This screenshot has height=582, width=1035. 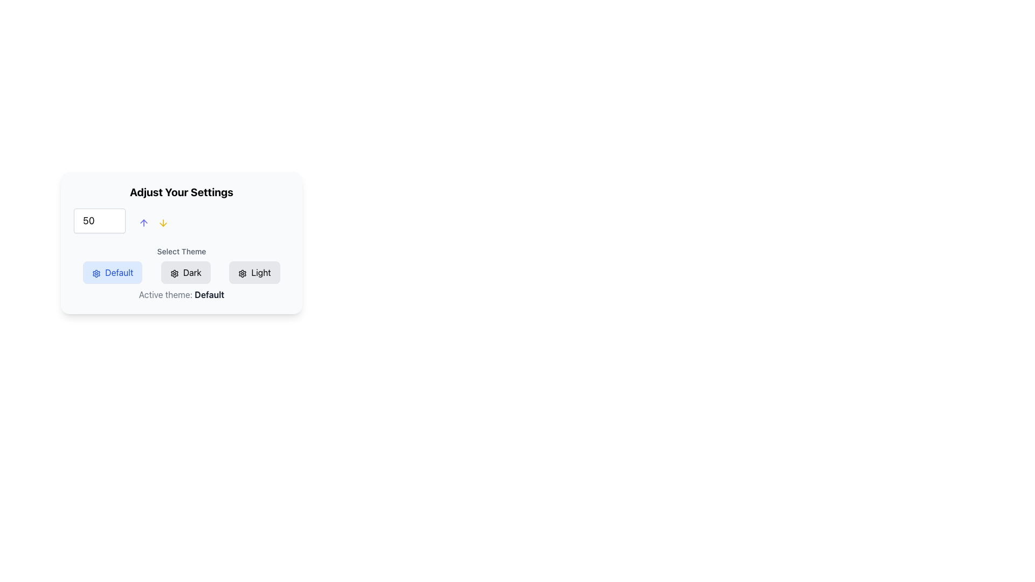 I want to click on the button with a downward arrow icon, located at the second position in the bottom row of similar buttons, so click(x=162, y=222).